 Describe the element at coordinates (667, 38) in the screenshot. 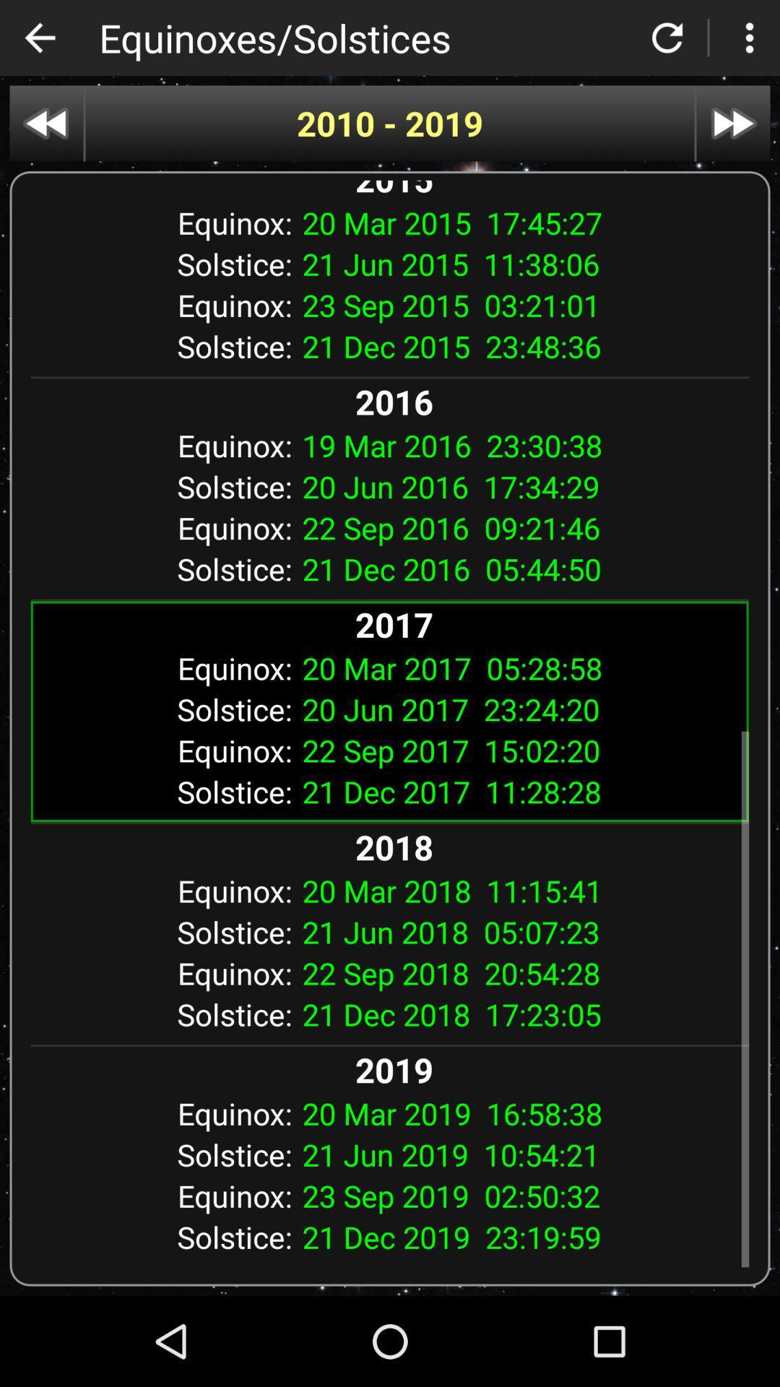

I see `to refresh` at that location.